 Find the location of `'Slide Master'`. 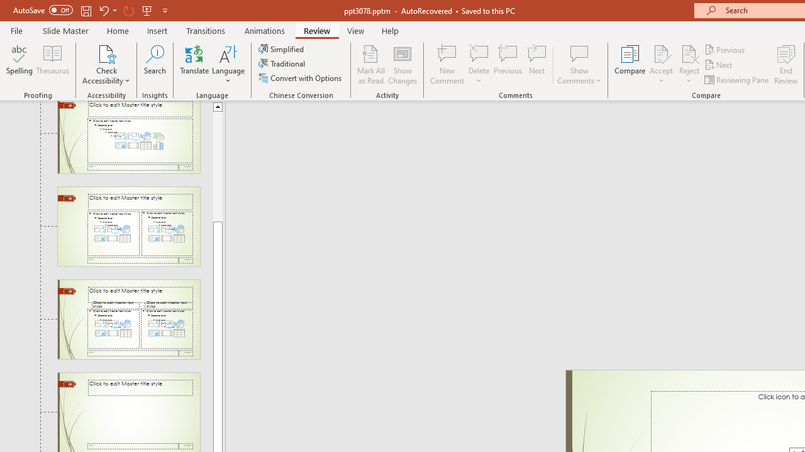

'Slide Master' is located at coordinates (65, 30).